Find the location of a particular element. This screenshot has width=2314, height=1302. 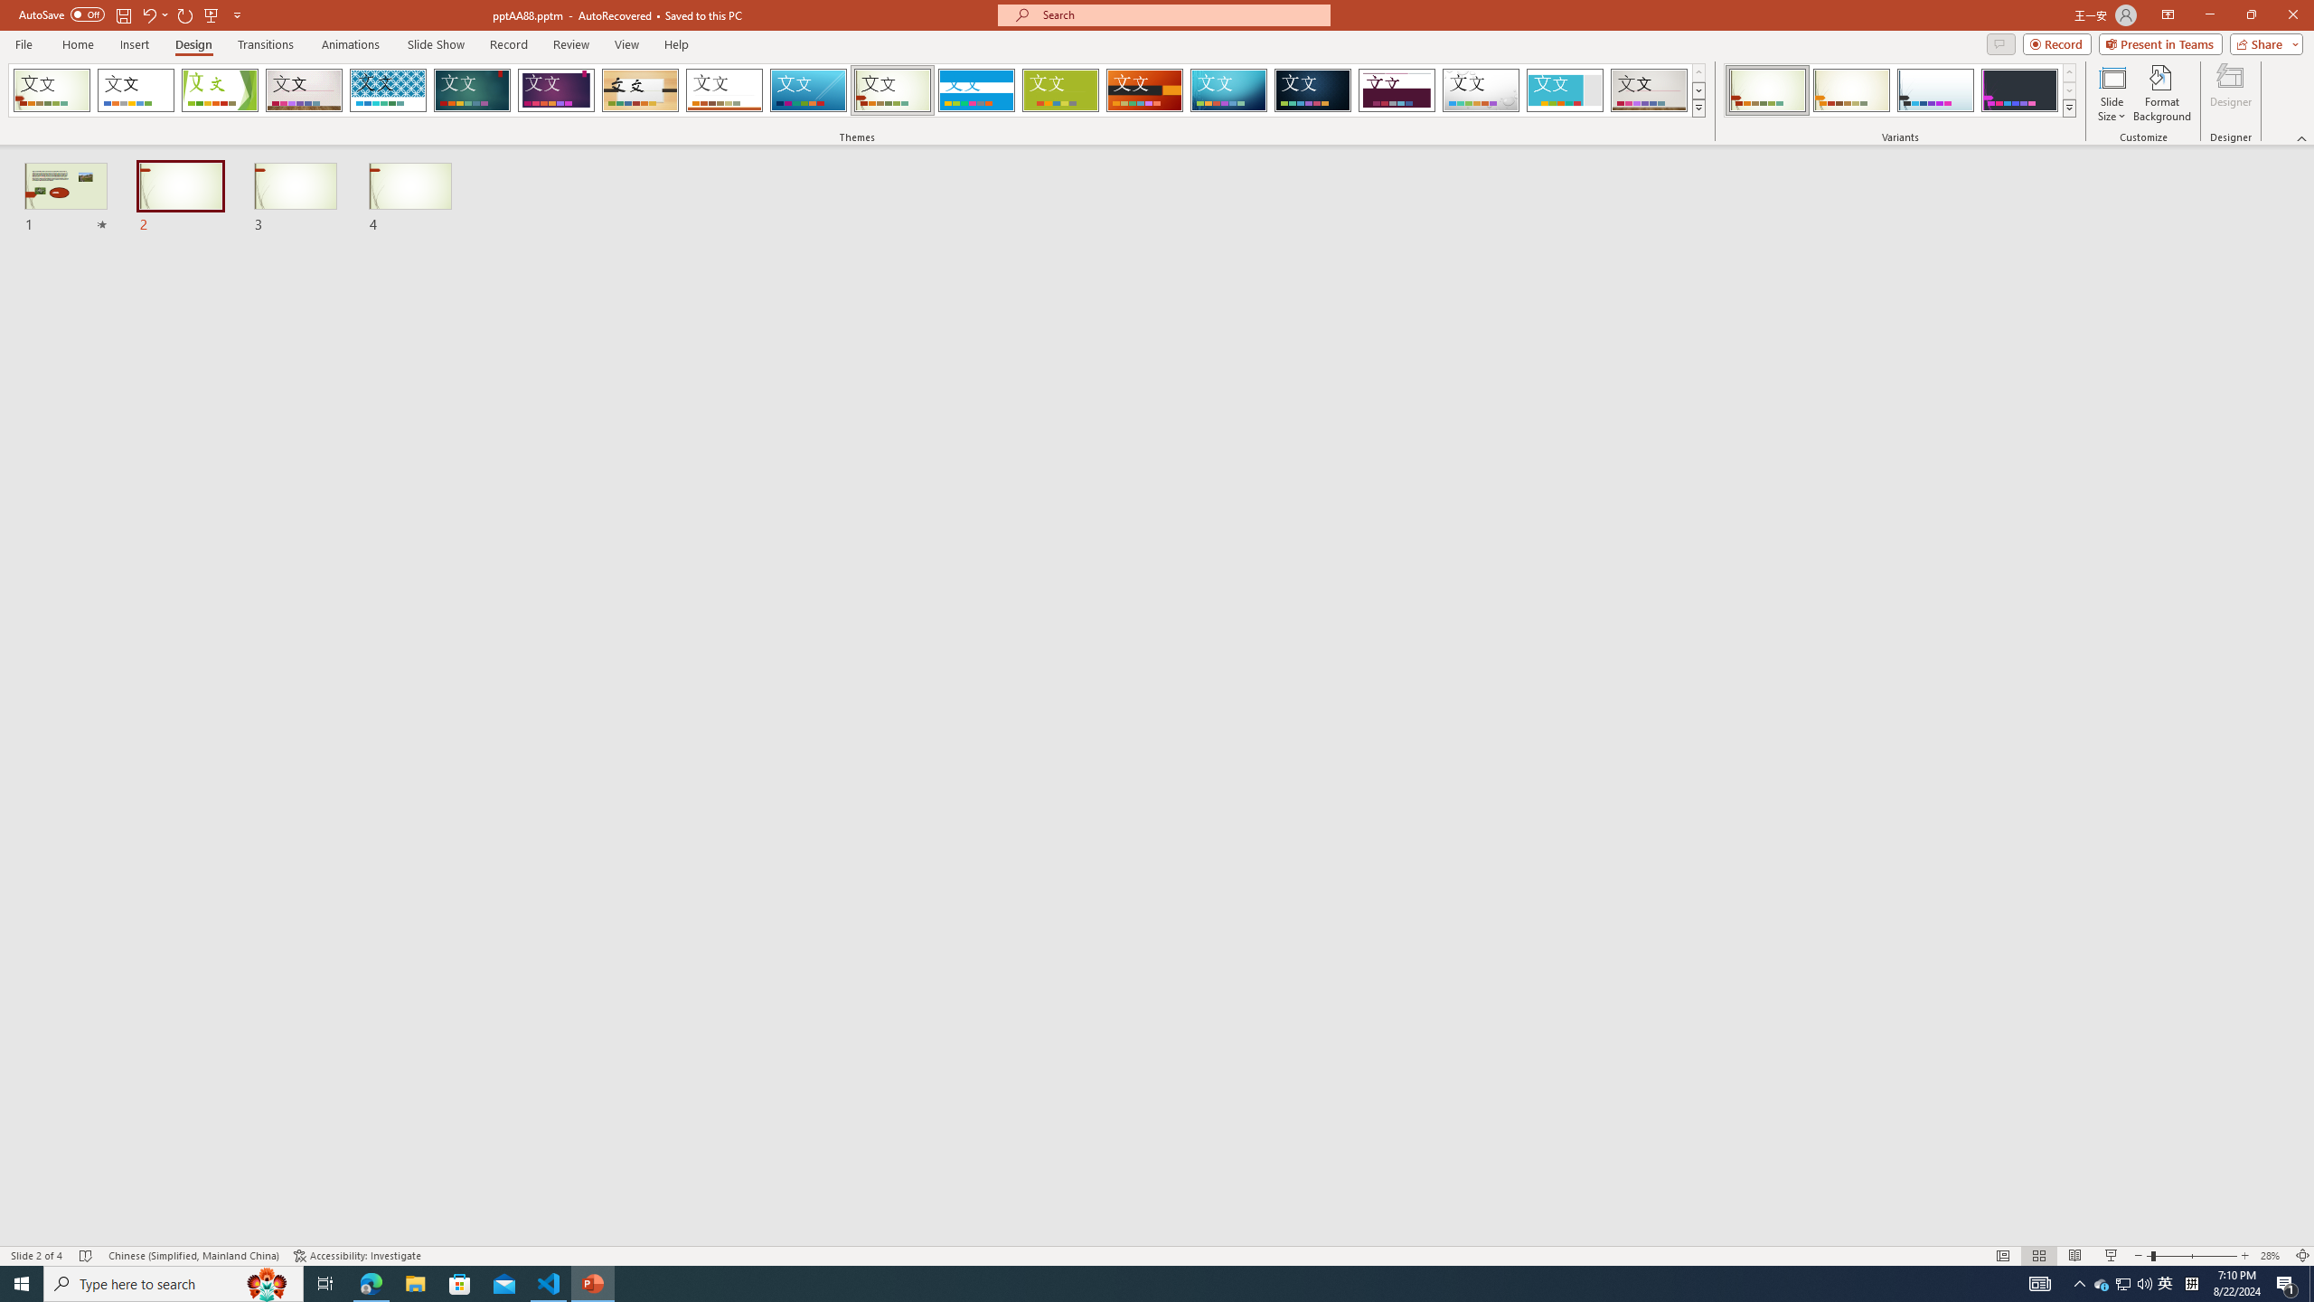

'Wisp Variant 3' is located at coordinates (1934, 90).